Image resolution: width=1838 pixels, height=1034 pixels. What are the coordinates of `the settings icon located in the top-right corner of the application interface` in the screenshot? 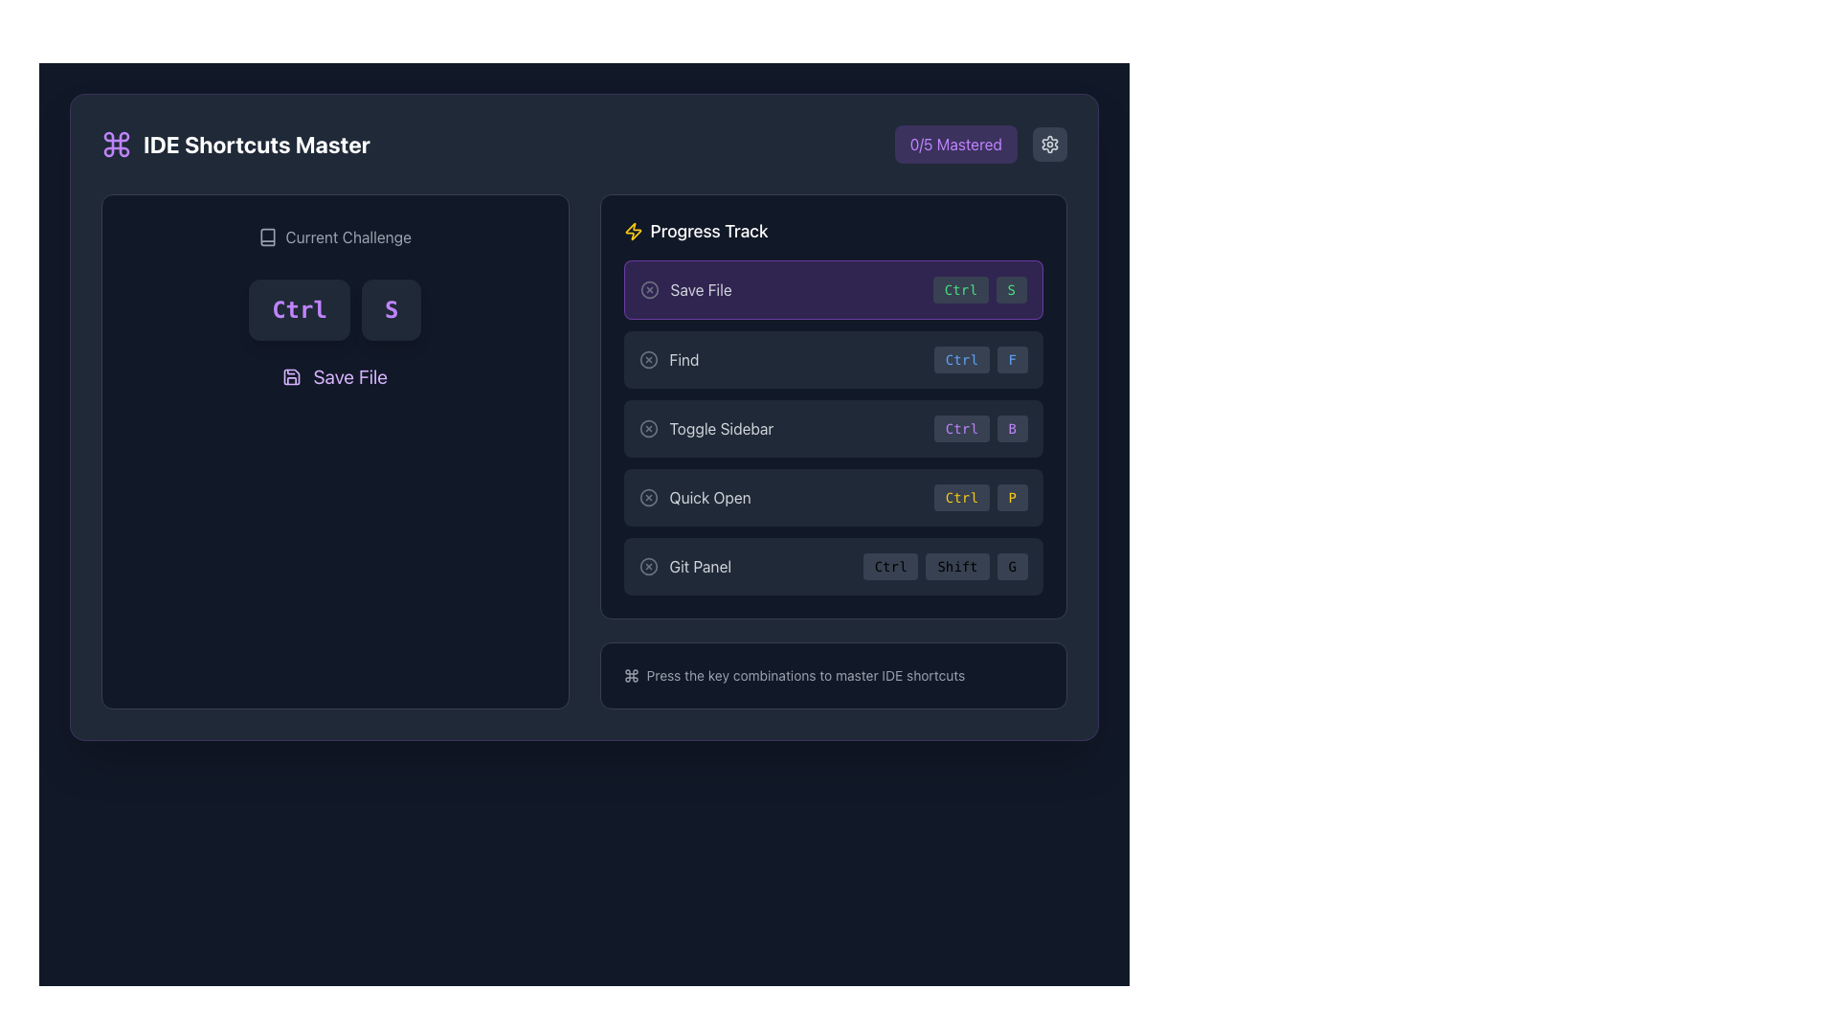 It's located at (1049, 143).